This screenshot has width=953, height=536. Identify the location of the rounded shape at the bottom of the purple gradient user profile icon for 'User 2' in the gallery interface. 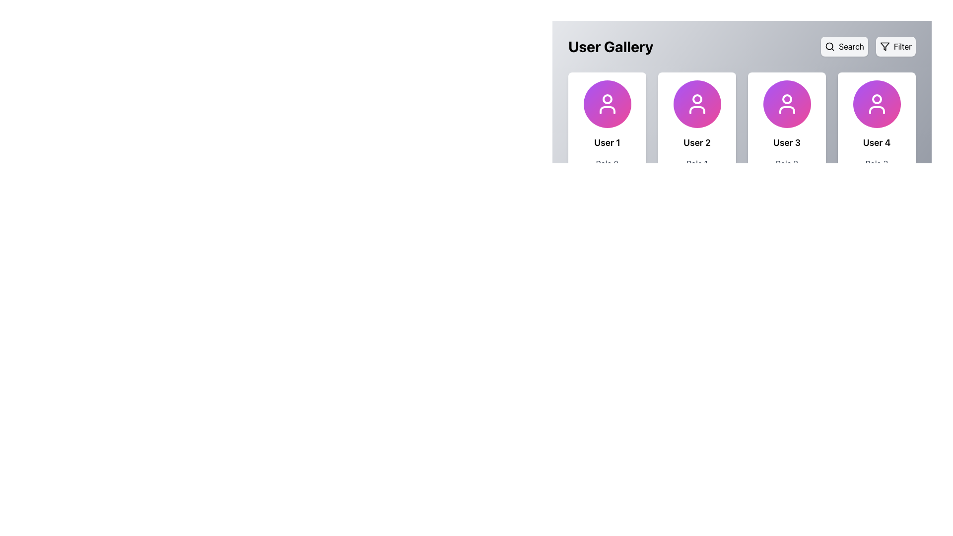
(696, 110).